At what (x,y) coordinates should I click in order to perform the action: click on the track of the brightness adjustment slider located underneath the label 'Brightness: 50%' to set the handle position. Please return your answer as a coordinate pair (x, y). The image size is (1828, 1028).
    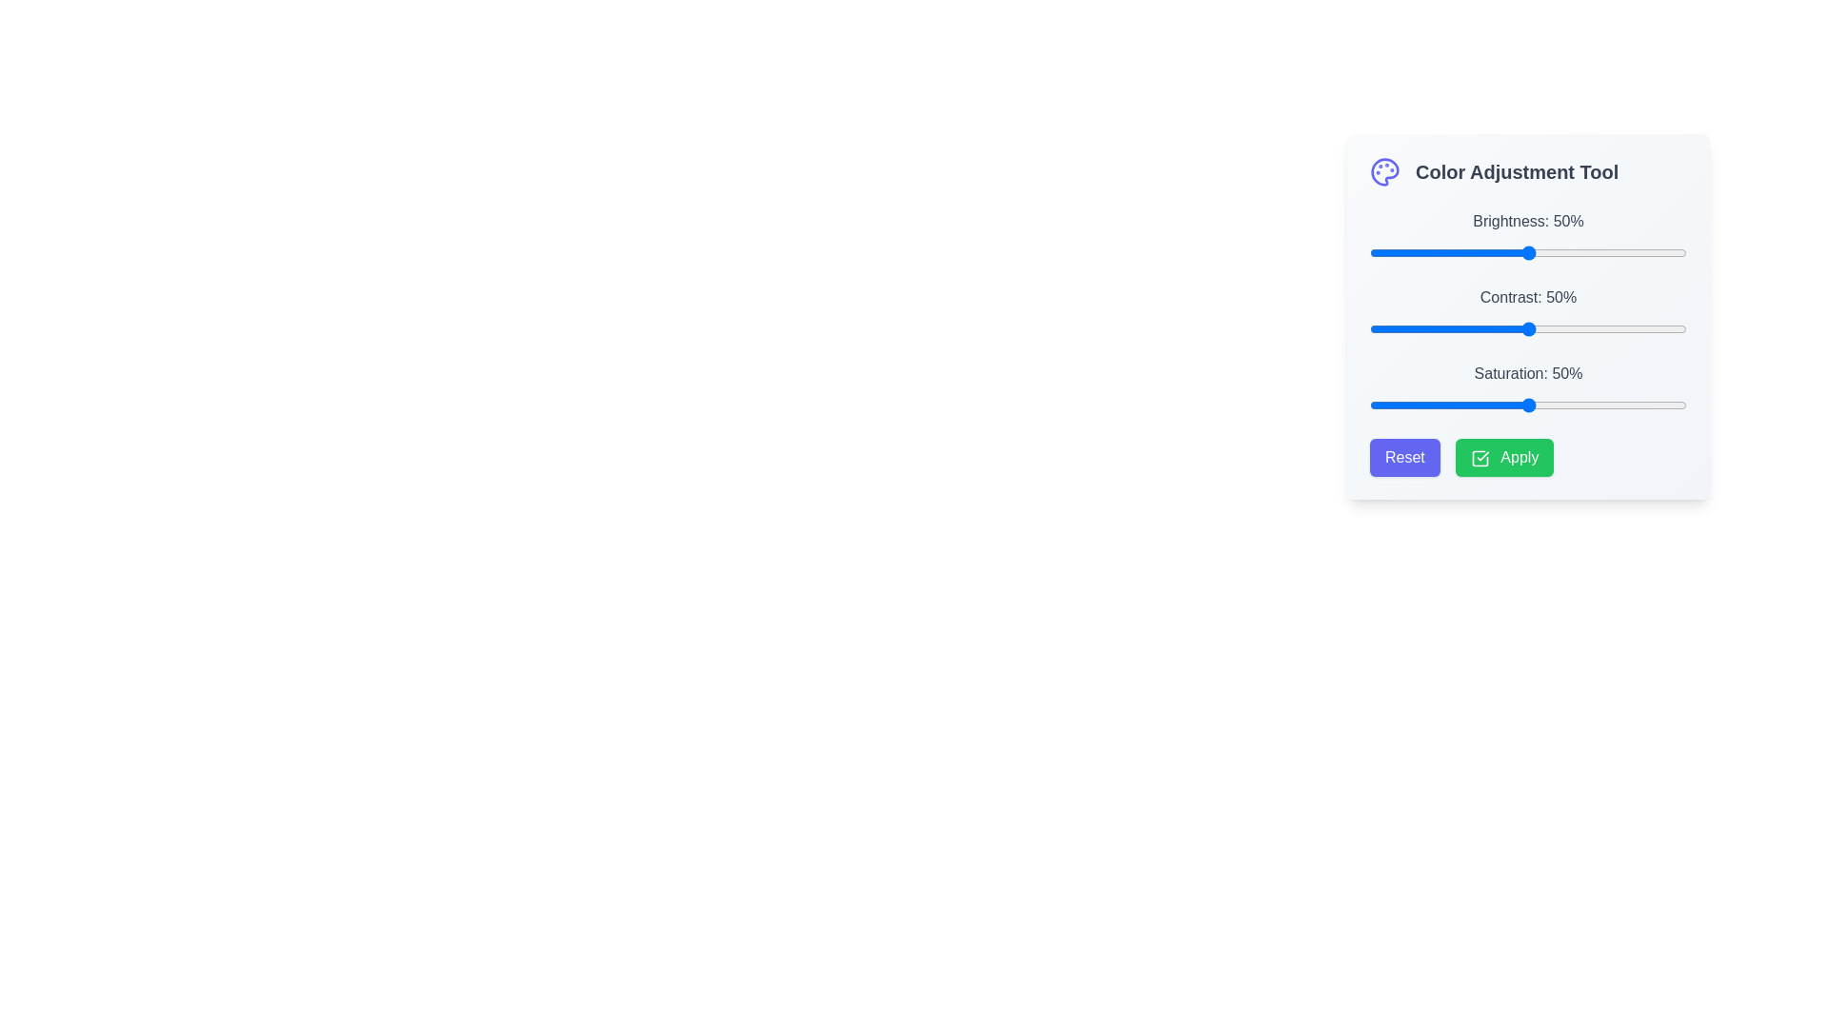
    Looking at the image, I should click on (1528, 252).